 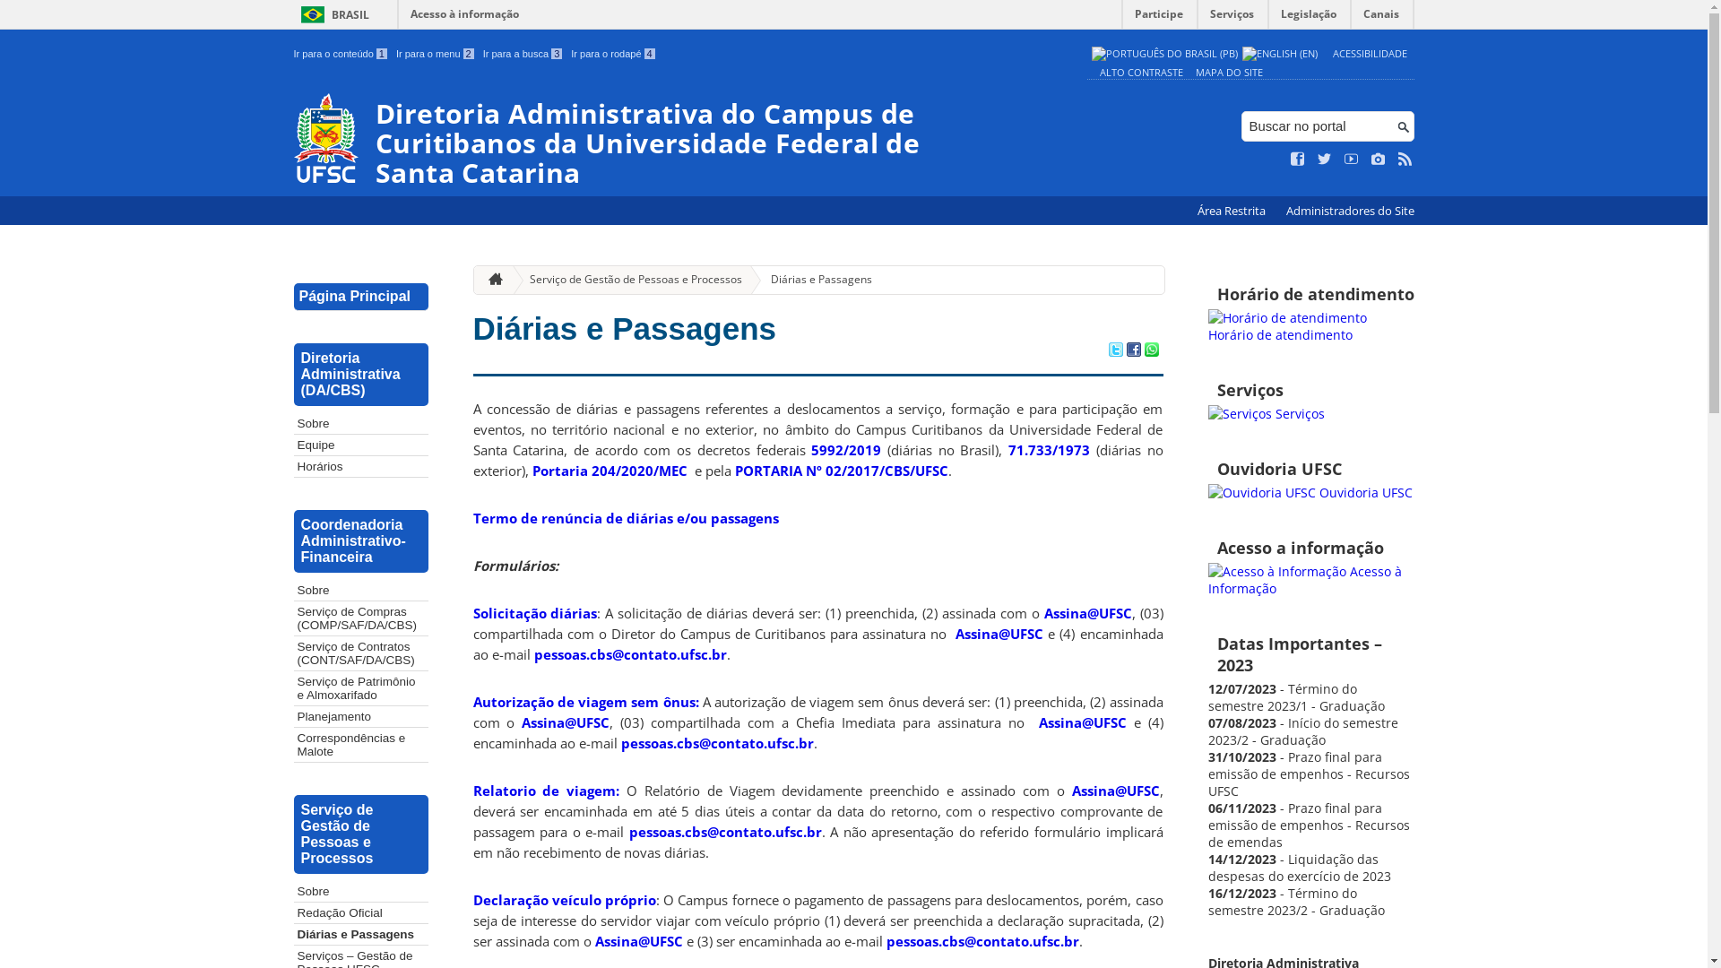 What do you see at coordinates (845, 448) in the screenshot?
I see `'5992/2019'` at bounding box center [845, 448].